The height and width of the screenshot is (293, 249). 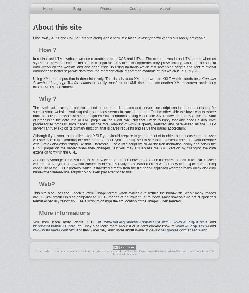 I want to click on 'in the URL.', so click(x=68, y=152).